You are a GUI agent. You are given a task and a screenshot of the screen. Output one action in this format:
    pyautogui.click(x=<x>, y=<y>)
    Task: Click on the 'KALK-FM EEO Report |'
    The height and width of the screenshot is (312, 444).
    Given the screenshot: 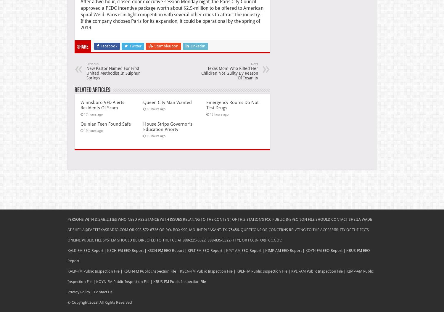 What is the action you would take?
    pyautogui.click(x=86, y=250)
    